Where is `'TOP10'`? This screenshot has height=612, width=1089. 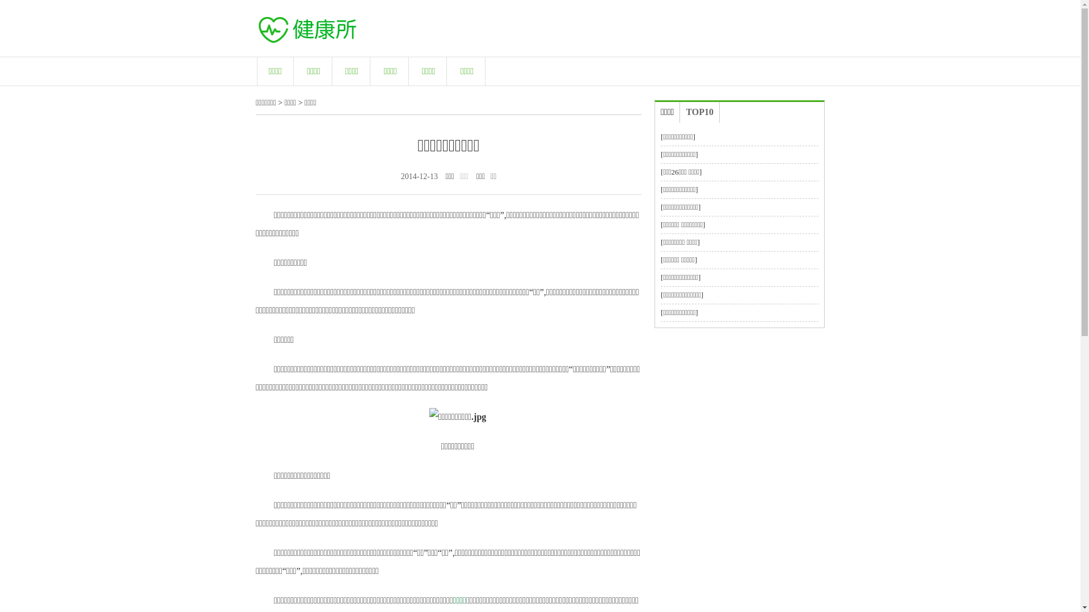
'TOP10' is located at coordinates (699, 112).